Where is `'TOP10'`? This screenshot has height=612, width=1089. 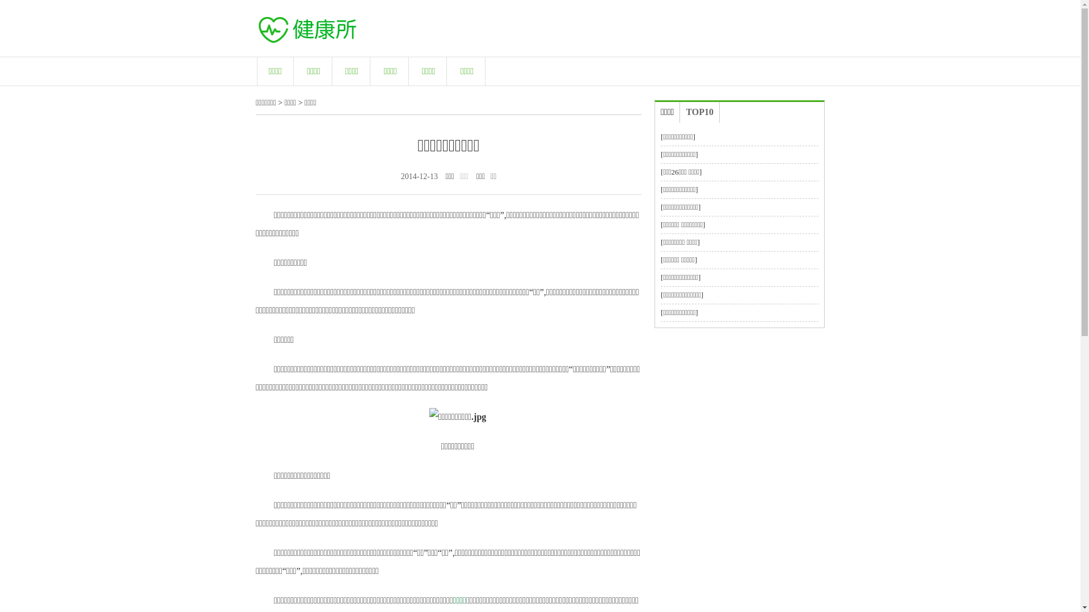
'TOP10' is located at coordinates (699, 112).